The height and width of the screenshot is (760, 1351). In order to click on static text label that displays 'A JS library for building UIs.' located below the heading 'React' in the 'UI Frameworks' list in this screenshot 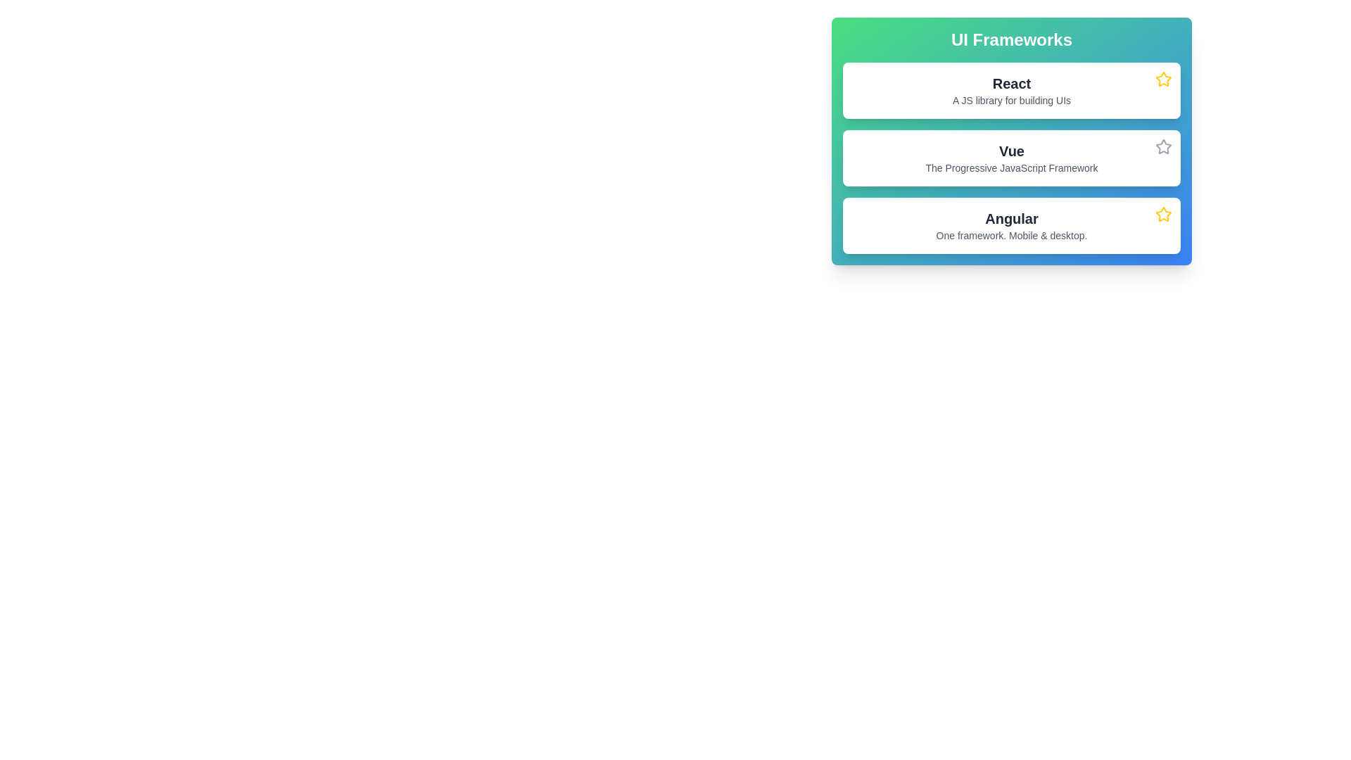, I will do `click(1011, 99)`.